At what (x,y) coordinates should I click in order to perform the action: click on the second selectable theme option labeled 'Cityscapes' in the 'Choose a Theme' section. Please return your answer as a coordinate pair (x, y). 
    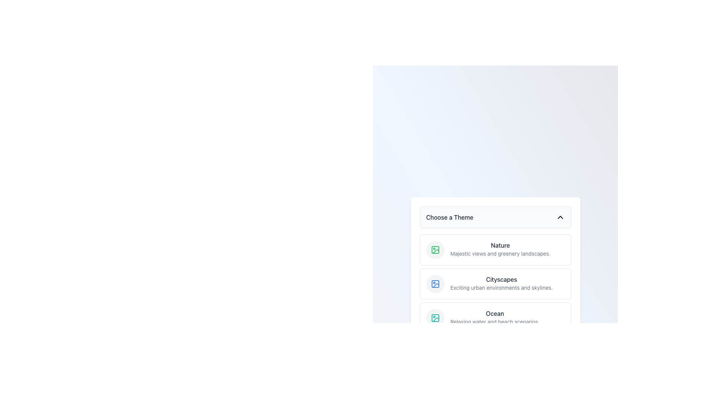
    Looking at the image, I should click on (495, 284).